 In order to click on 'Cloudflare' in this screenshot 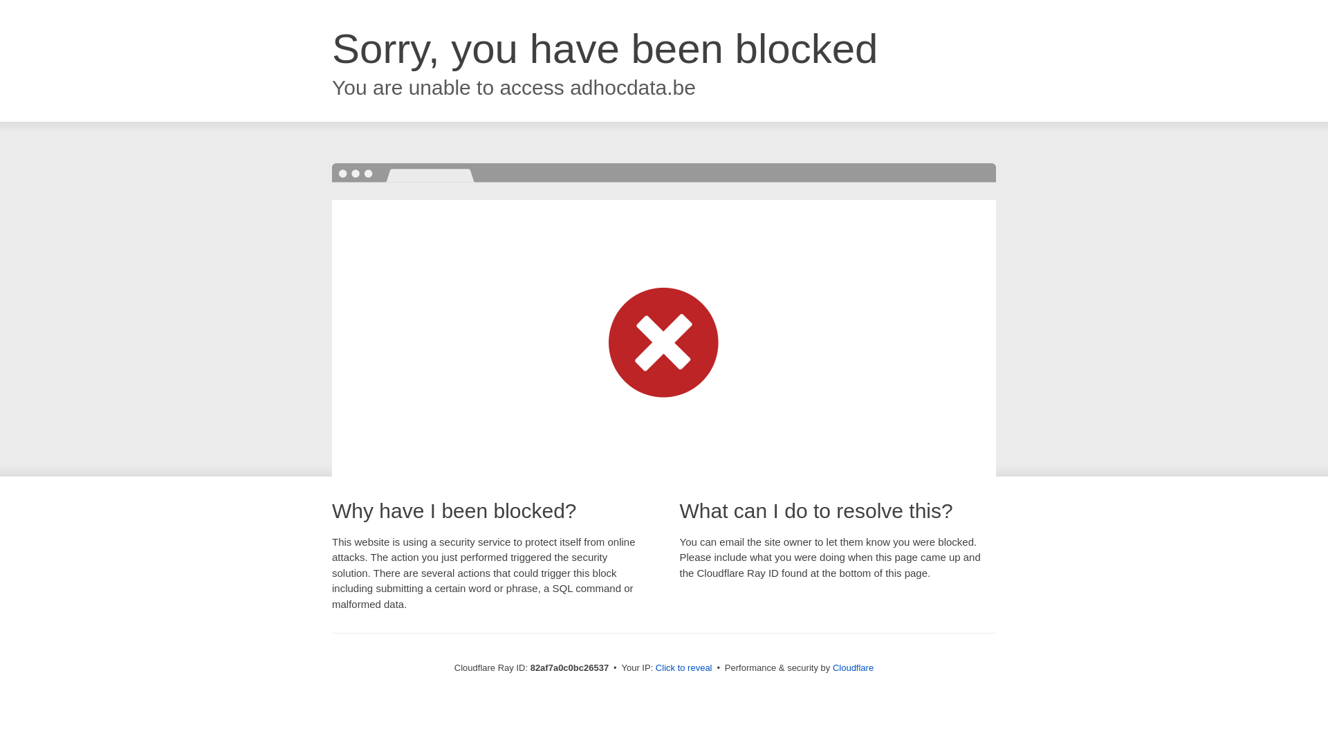, I will do `click(852, 667)`.